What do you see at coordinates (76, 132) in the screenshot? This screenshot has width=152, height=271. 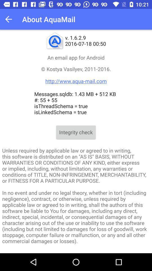 I see `the app below messages sqldb 1` at bounding box center [76, 132].